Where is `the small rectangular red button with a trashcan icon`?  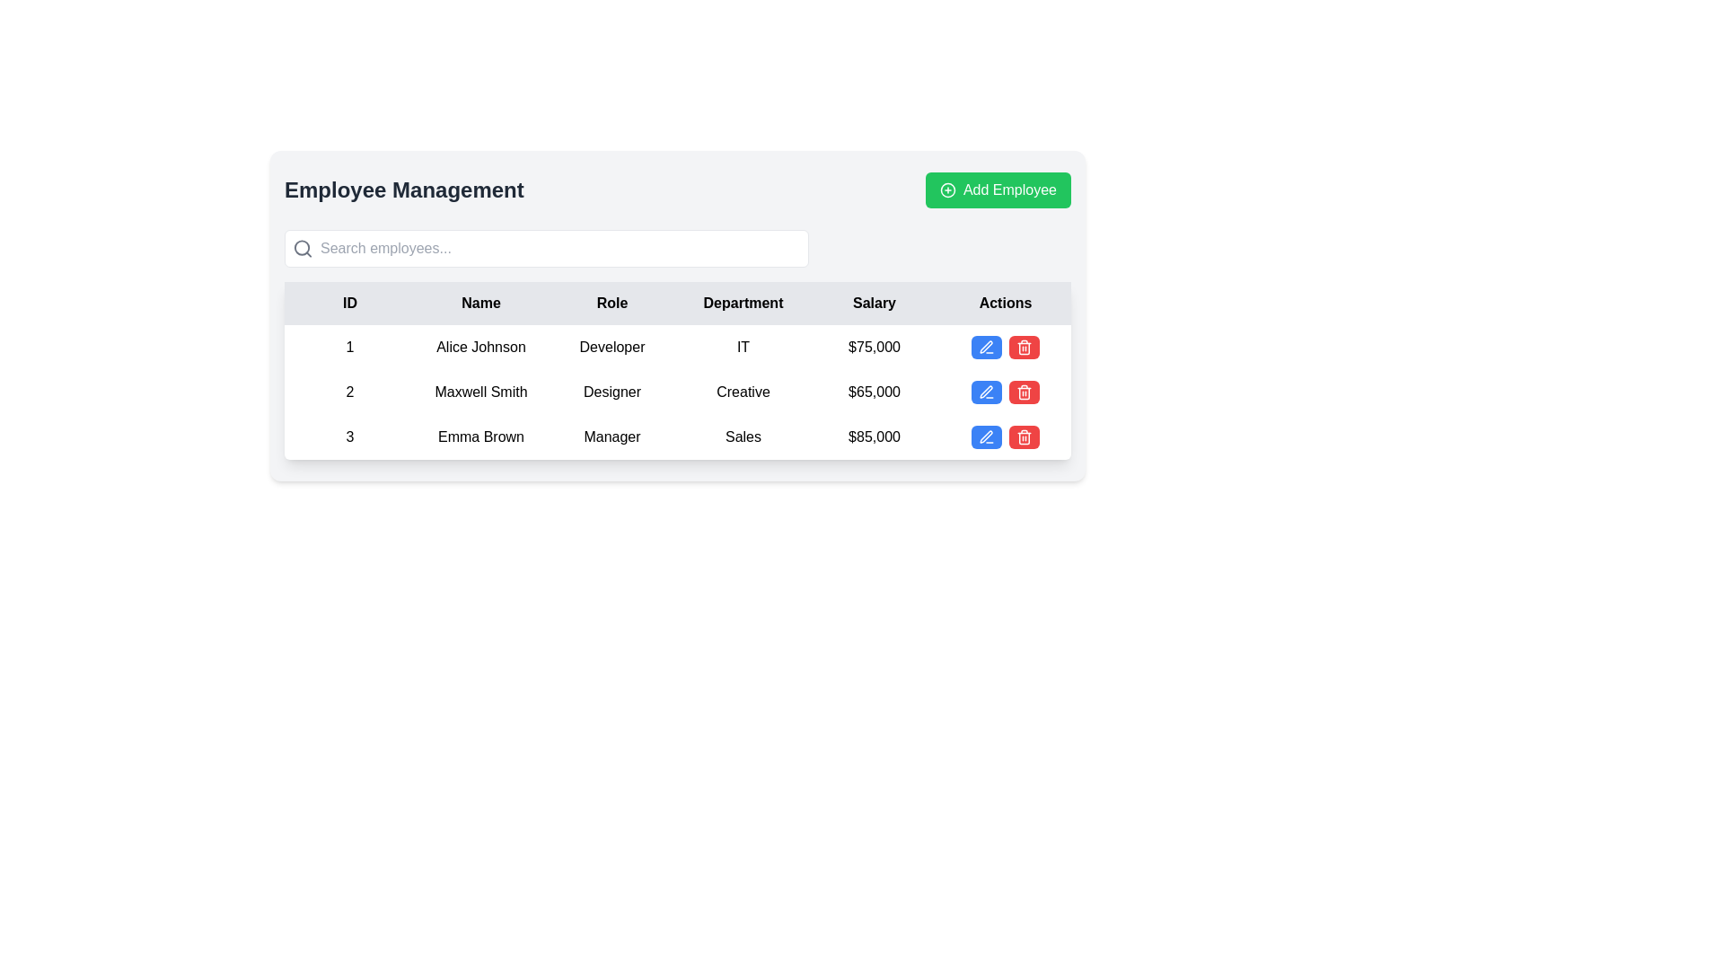
the small rectangular red button with a trashcan icon is located at coordinates (1025, 391).